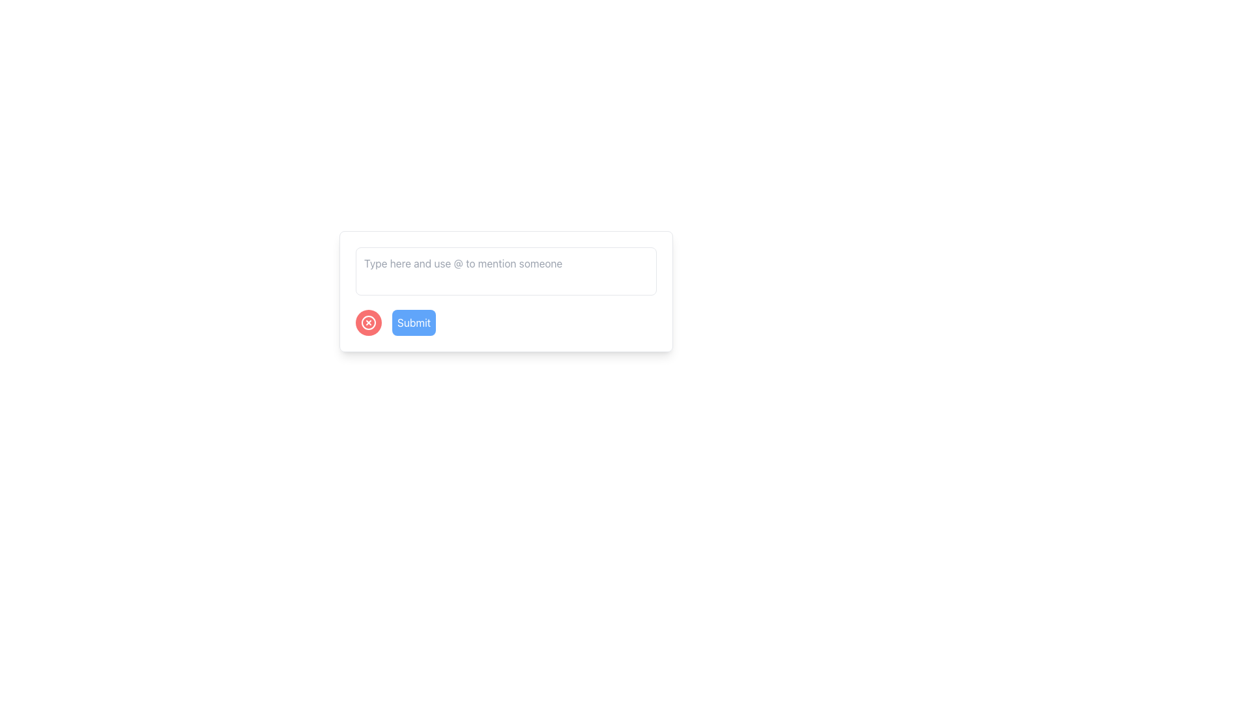  I want to click on the circular red button with a white cross icon to clear the input field, so click(368, 322).